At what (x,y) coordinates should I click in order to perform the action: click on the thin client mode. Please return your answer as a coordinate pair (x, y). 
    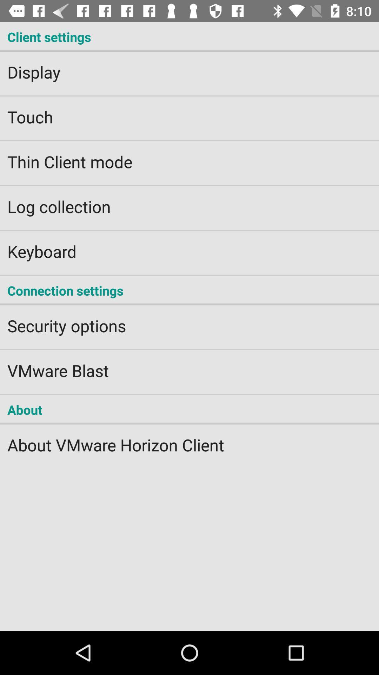
    Looking at the image, I should click on (189, 156).